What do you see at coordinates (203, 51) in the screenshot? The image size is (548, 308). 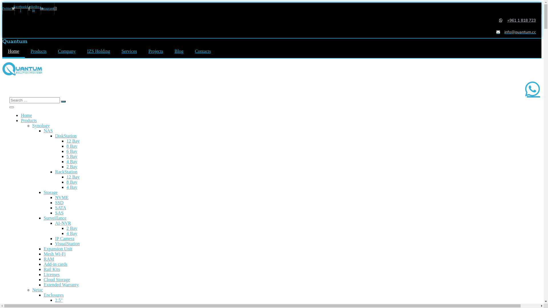 I see `'Contacts'` at bounding box center [203, 51].